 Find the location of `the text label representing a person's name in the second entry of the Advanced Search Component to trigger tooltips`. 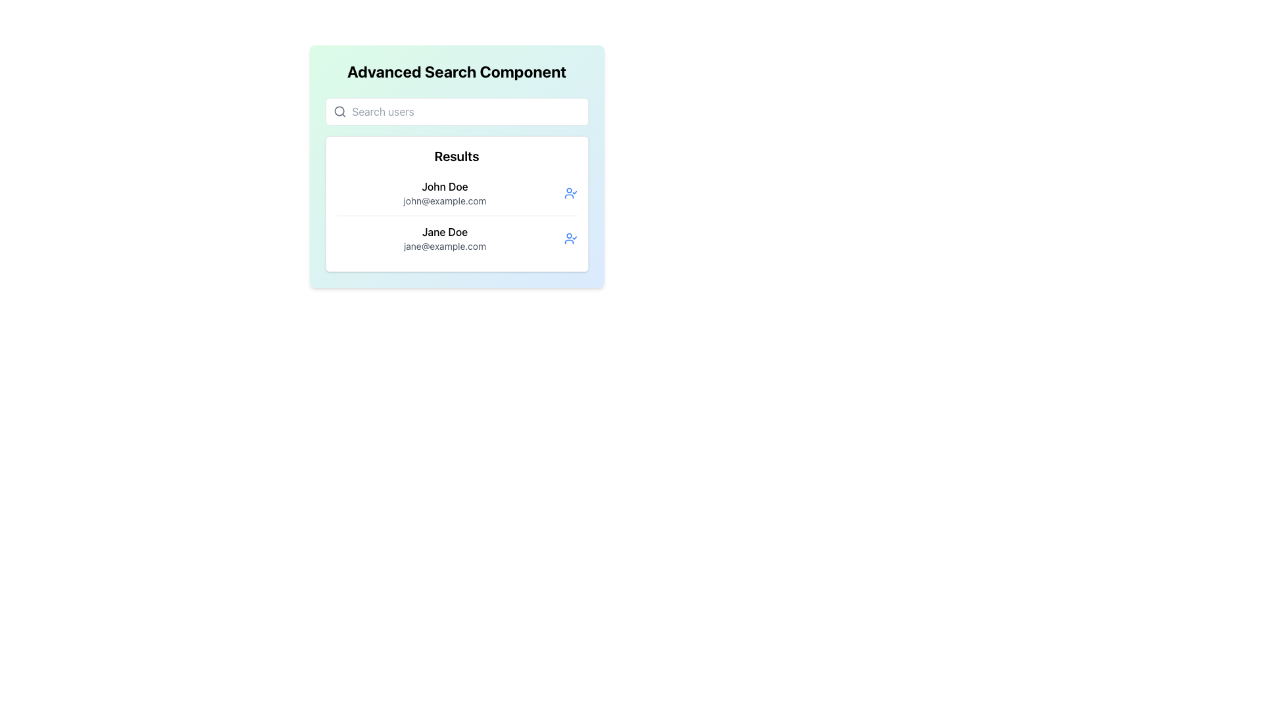

the text label representing a person's name in the second entry of the Advanced Search Component to trigger tooltips is located at coordinates (445, 231).